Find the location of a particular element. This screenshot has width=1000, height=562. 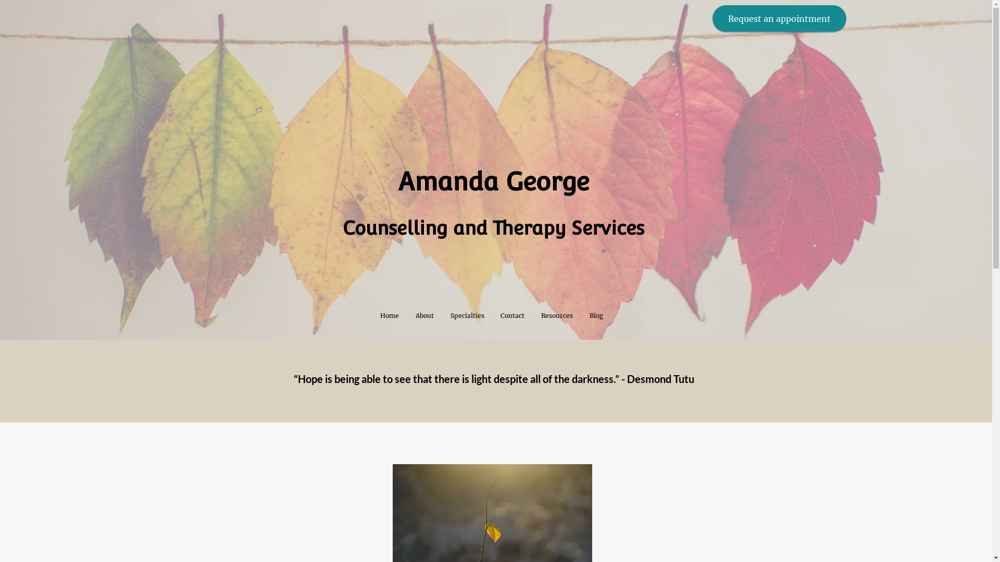

'Blog' is located at coordinates (596, 315).